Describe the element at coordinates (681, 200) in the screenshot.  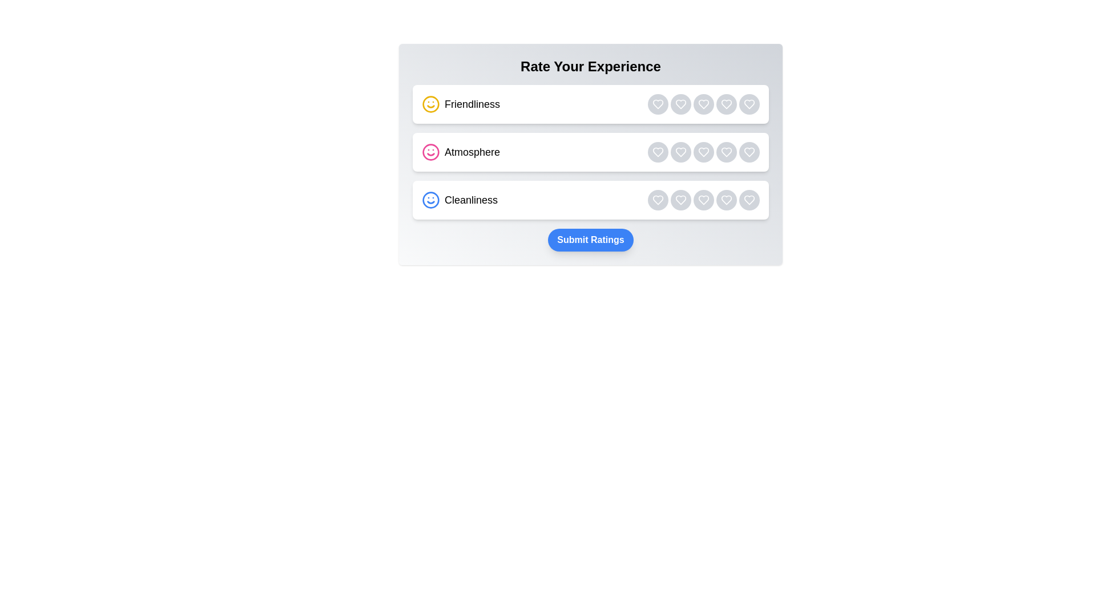
I see `the rating button for category Cleanliness with rating 2` at that location.